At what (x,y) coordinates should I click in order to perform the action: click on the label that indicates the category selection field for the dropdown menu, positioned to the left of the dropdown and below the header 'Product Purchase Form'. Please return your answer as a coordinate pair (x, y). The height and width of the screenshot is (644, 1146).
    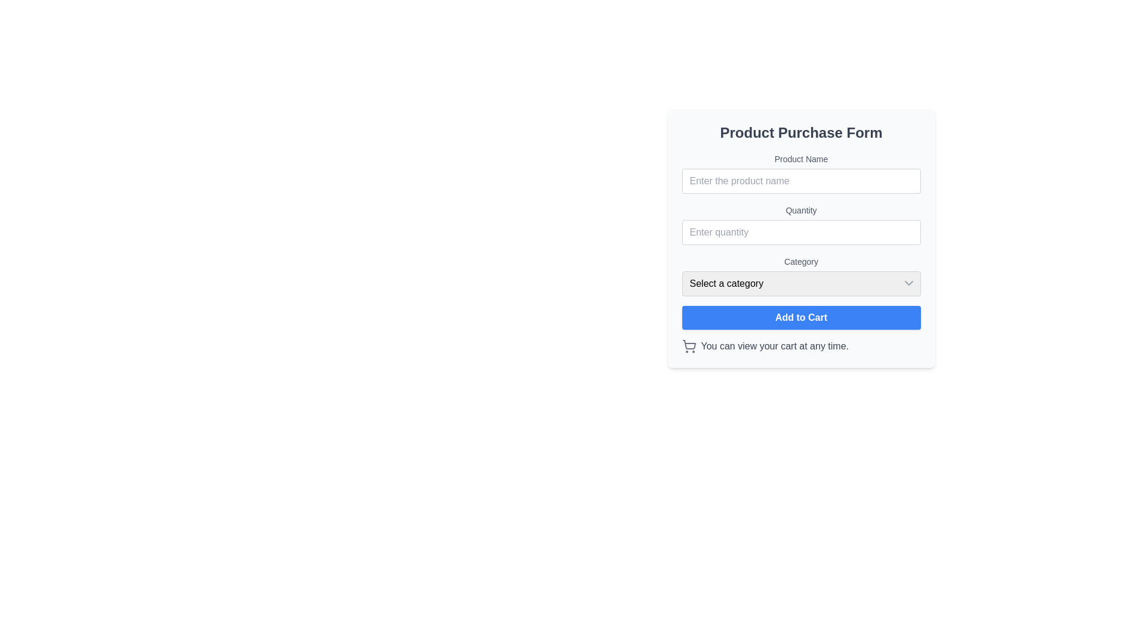
    Looking at the image, I should click on (801, 261).